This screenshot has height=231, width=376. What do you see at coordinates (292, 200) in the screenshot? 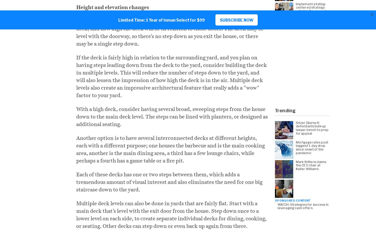
I see `'Sponsored Content'` at bounding box center [292, 200].